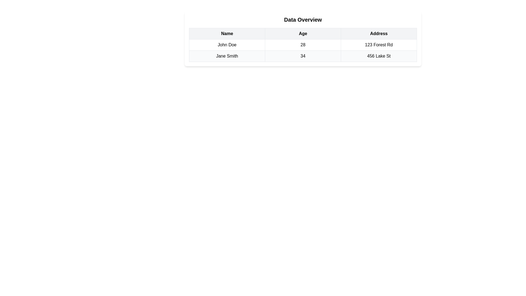 The image size is (526, 296). I want to click on the static text element displaying the address '123 Forest Rd' for the entry 'John Doe' in the third cell of the first row under the 'Address' column, so click(378, 45).